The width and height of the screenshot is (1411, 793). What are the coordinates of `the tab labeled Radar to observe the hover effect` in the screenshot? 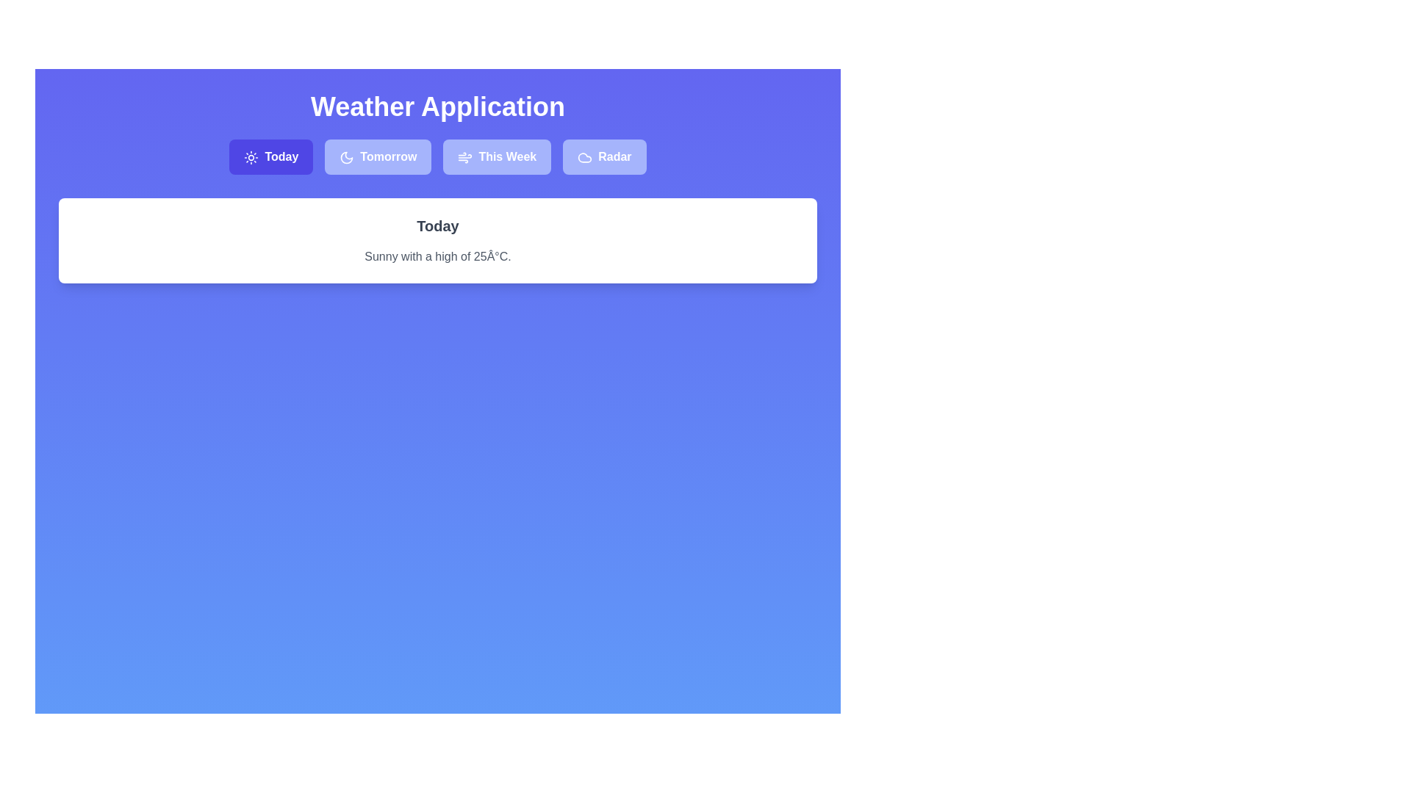 It's located at (604, 156).